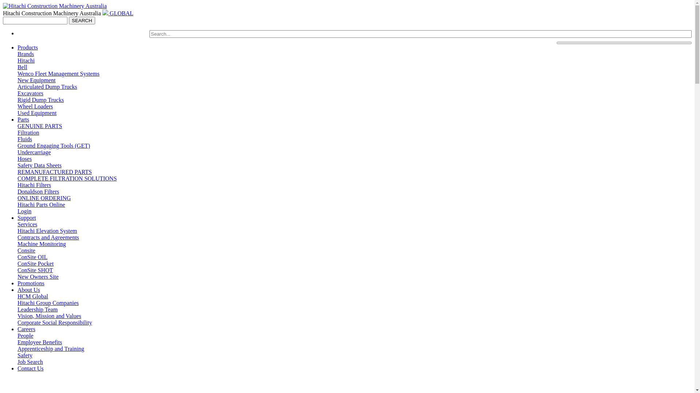 This screenshot has height=393, width=700. Describe the element at coordinates (47, 231) in the screenshot. I see `'Hitachi Elevation System'` at that location.